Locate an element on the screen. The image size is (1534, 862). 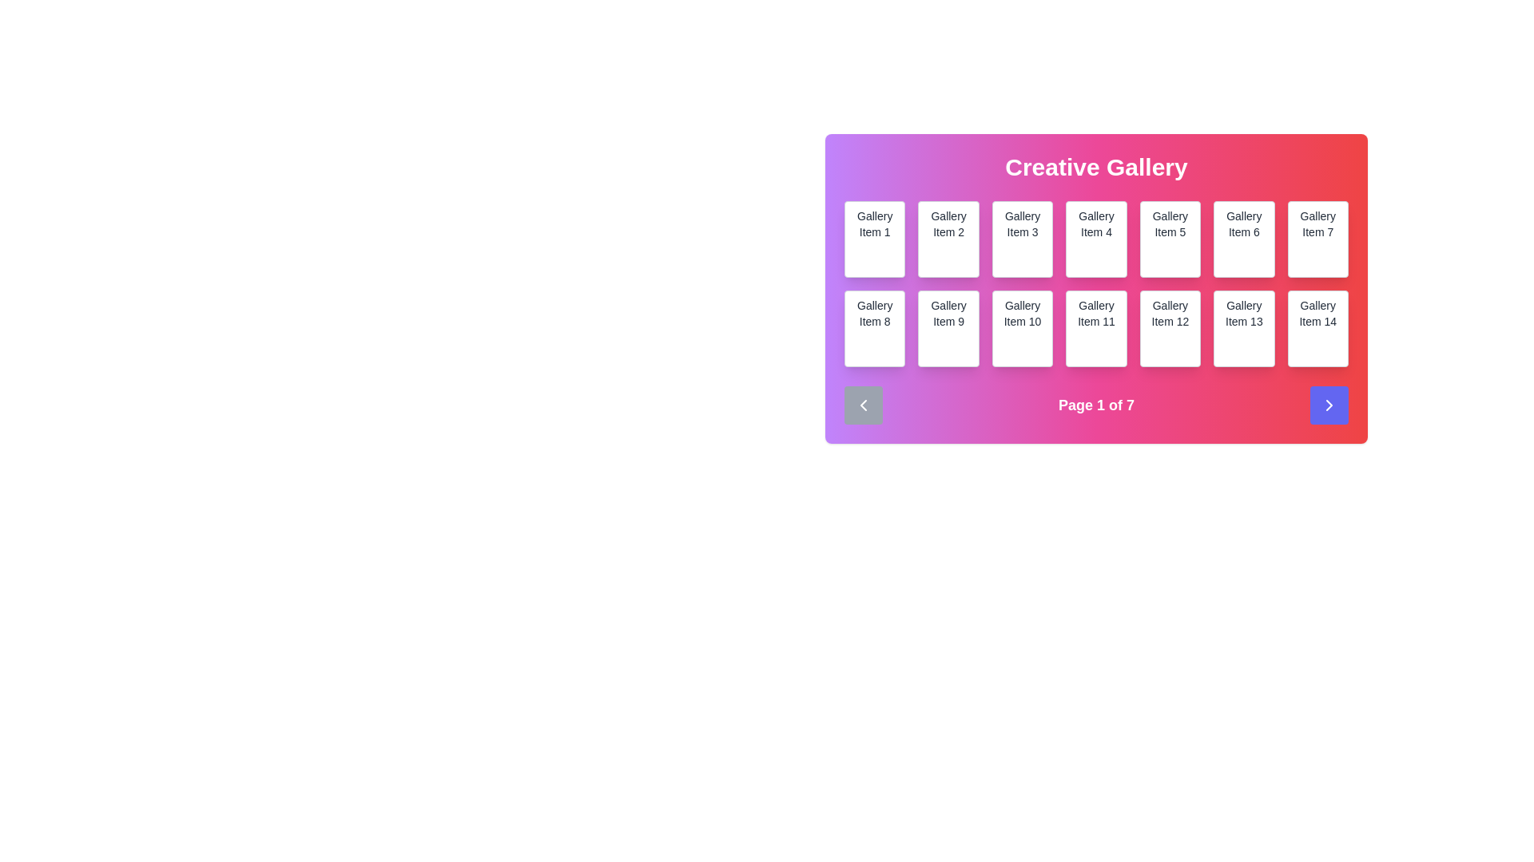
the Display card labeled 'Gallery Item 11', which is the fourth card in the second row of the 'Creative Gallery' grid is located at coordinates (1095, 289).